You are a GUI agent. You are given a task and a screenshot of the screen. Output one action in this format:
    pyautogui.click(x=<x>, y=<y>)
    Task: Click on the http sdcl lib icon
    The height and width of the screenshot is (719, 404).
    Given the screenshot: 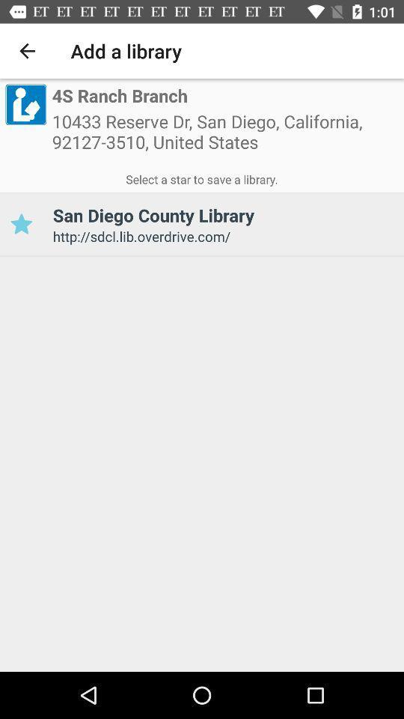 What is the action you would take?
    pyautogui.click(x=222, y=236)
    